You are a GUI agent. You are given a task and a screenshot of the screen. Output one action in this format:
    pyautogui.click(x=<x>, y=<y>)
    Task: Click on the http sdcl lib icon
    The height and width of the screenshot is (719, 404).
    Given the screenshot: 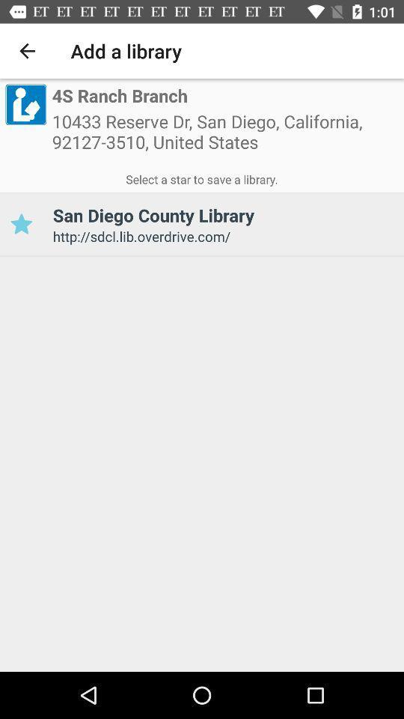 What is the action you would take?
    pyautogui.click(x=222, y=236)
    